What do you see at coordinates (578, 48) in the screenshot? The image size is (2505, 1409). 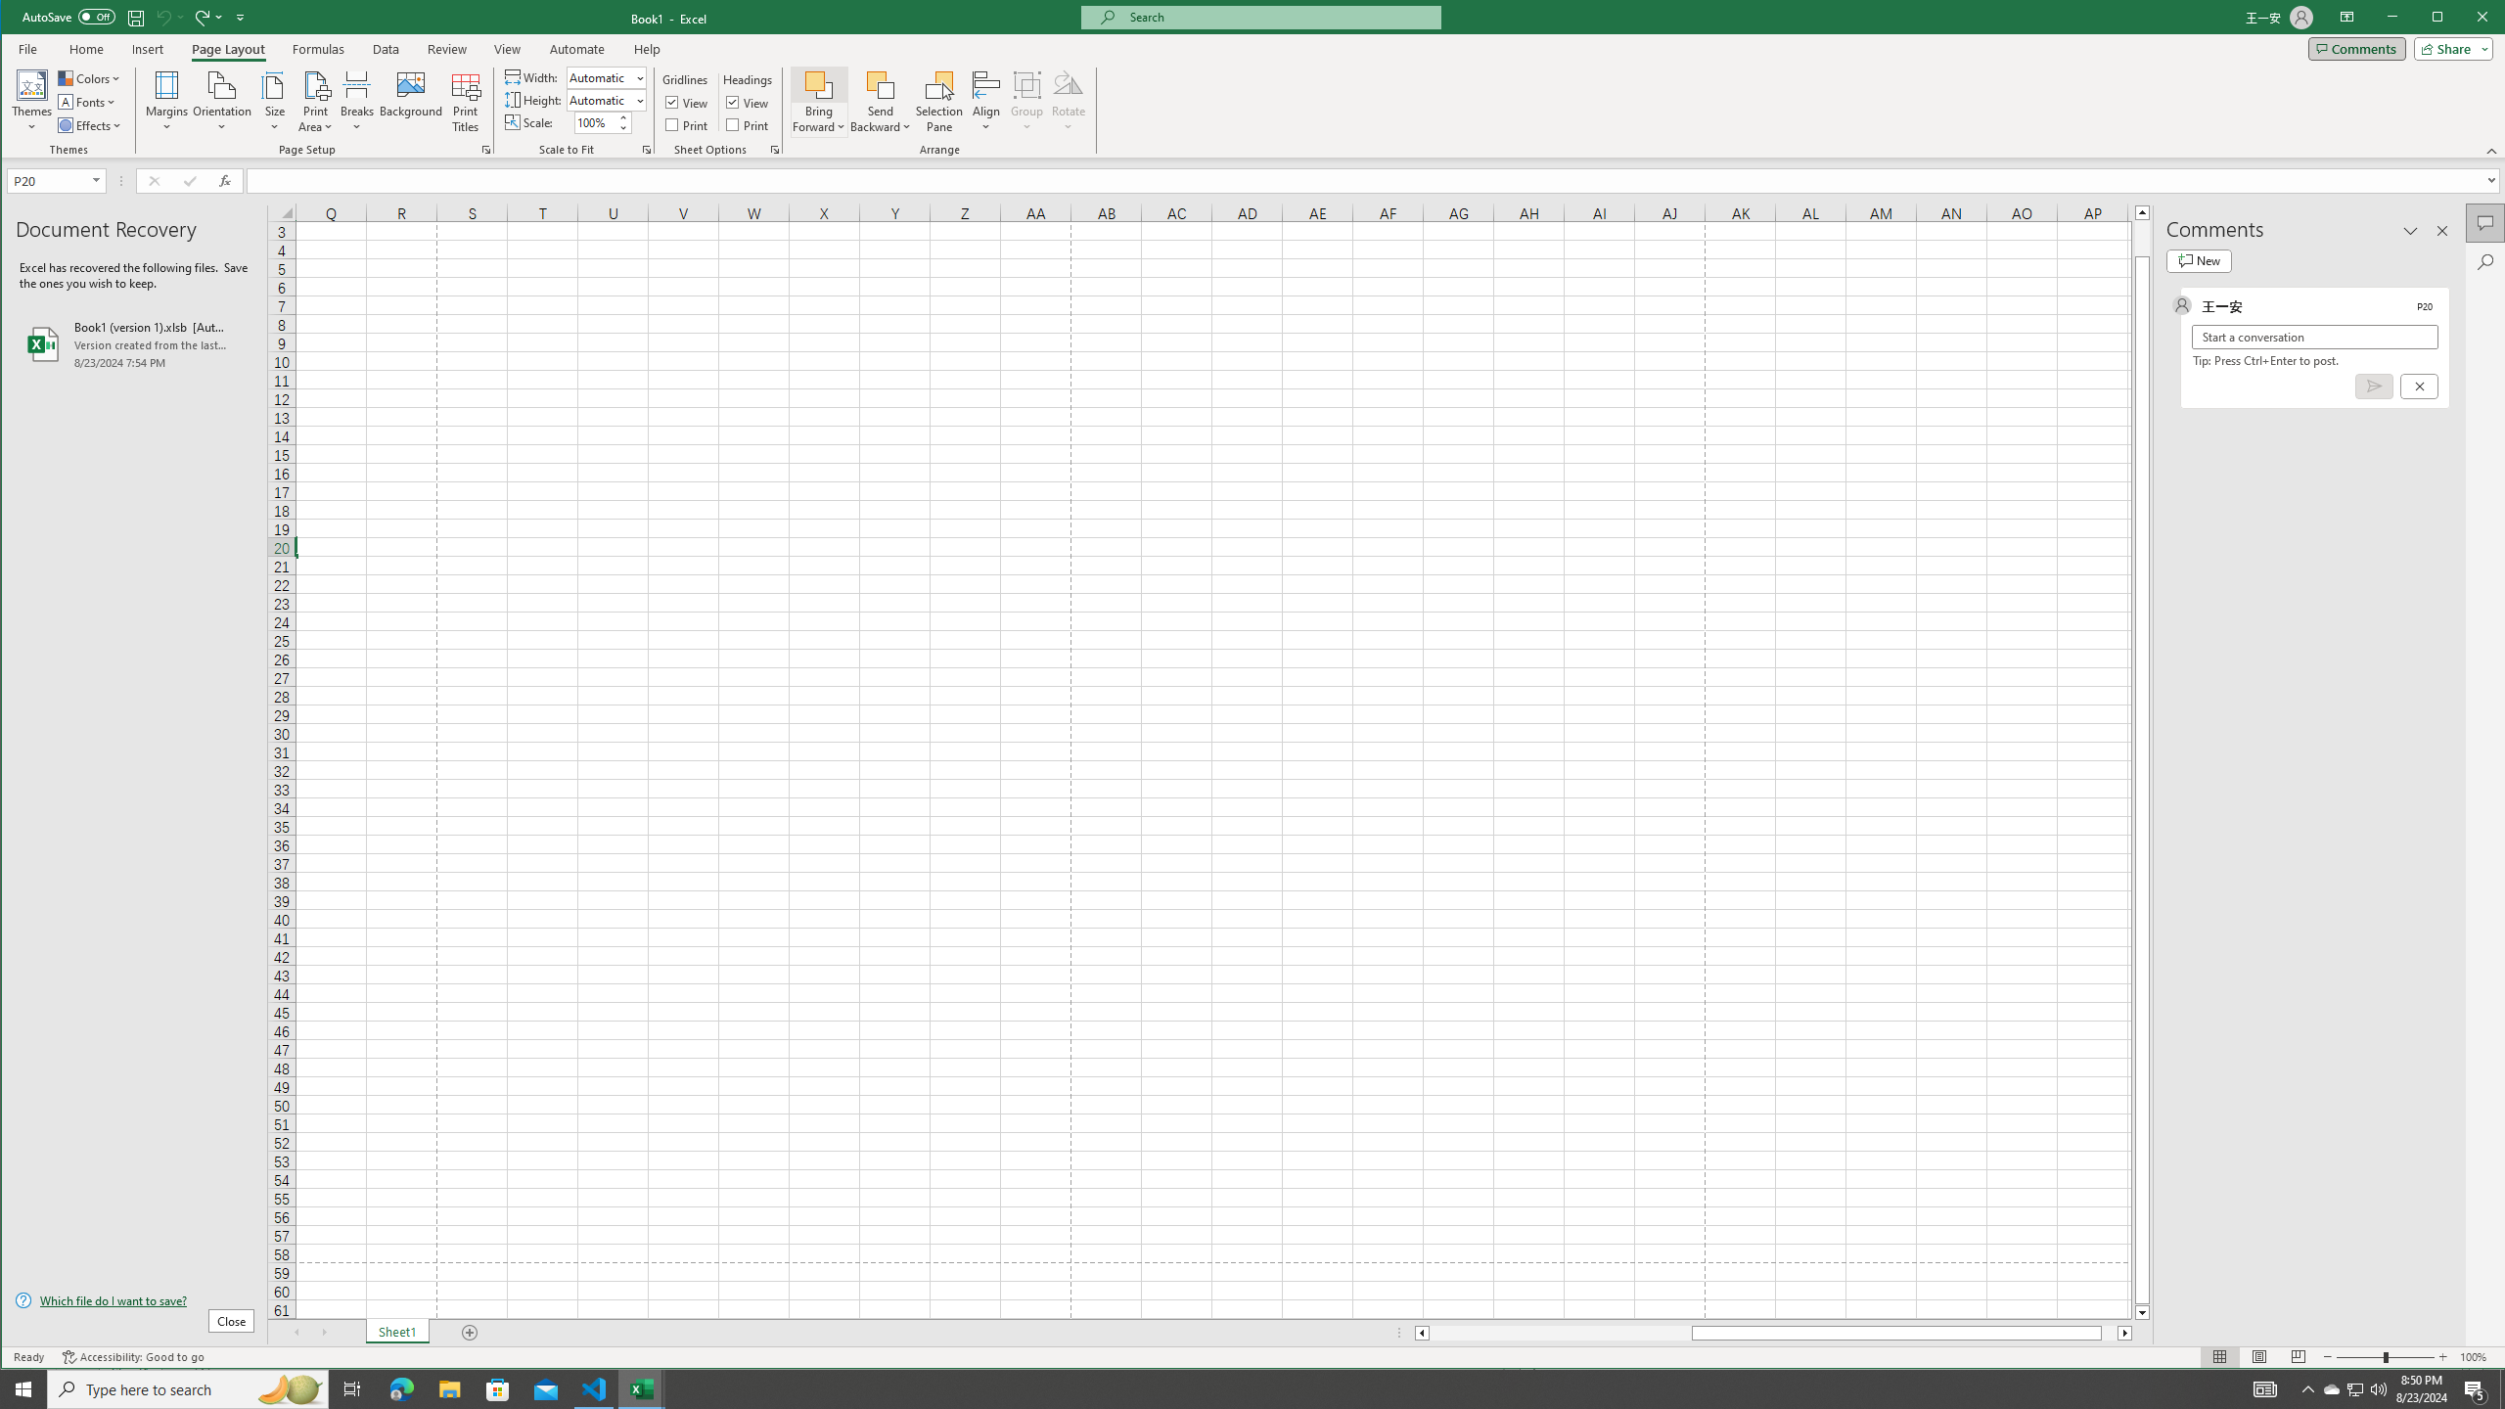 I see `'Automate'` at bounding box center [578, 48].